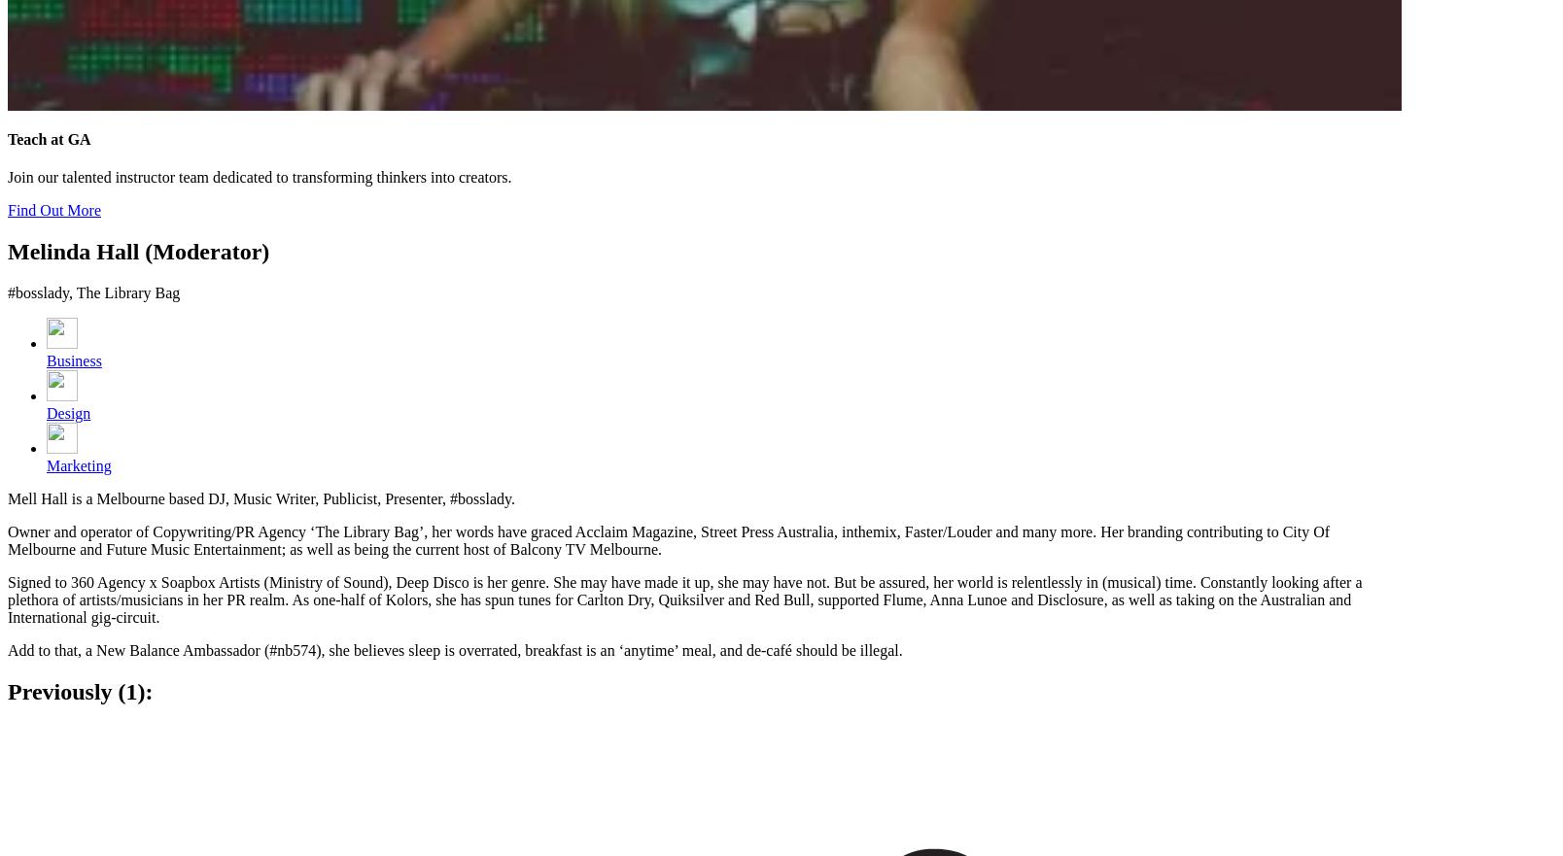 This screenshot has width=1563, height=856. What do you see at coordinates (79, 464) in the screenshot?
I see `'Marketing'` at bounding box center [79, 464].